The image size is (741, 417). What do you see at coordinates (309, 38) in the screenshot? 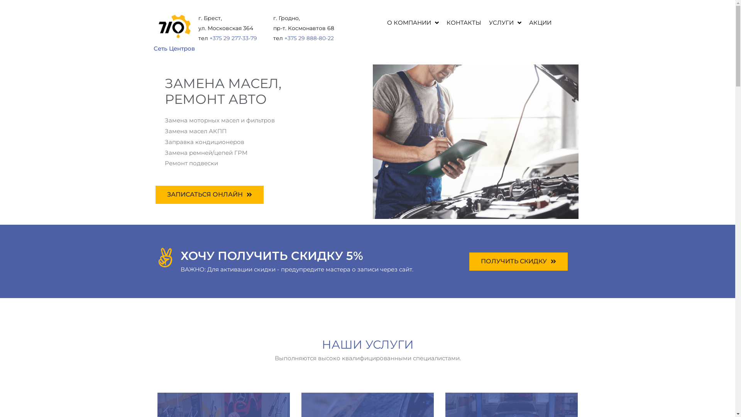
I see `'+375 29 888-80-22'` at bounding box center [309, 38].